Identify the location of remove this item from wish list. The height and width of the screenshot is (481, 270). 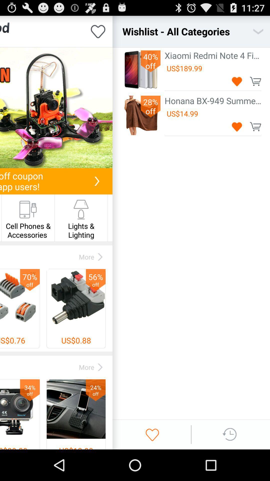
(237, 81).